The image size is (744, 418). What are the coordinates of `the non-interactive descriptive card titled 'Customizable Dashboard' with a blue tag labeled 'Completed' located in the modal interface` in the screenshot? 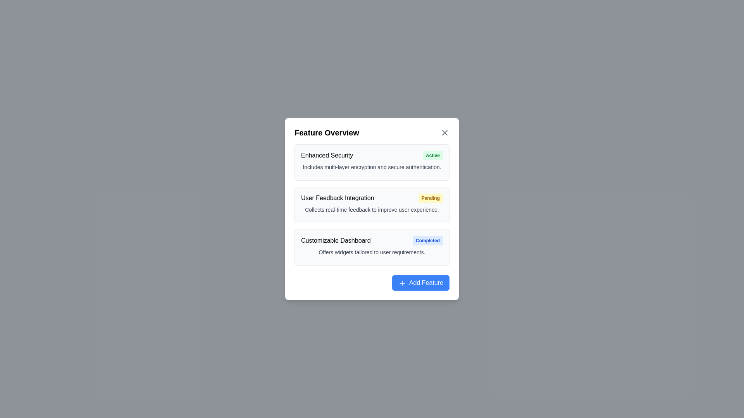 It's located at (372, 248).